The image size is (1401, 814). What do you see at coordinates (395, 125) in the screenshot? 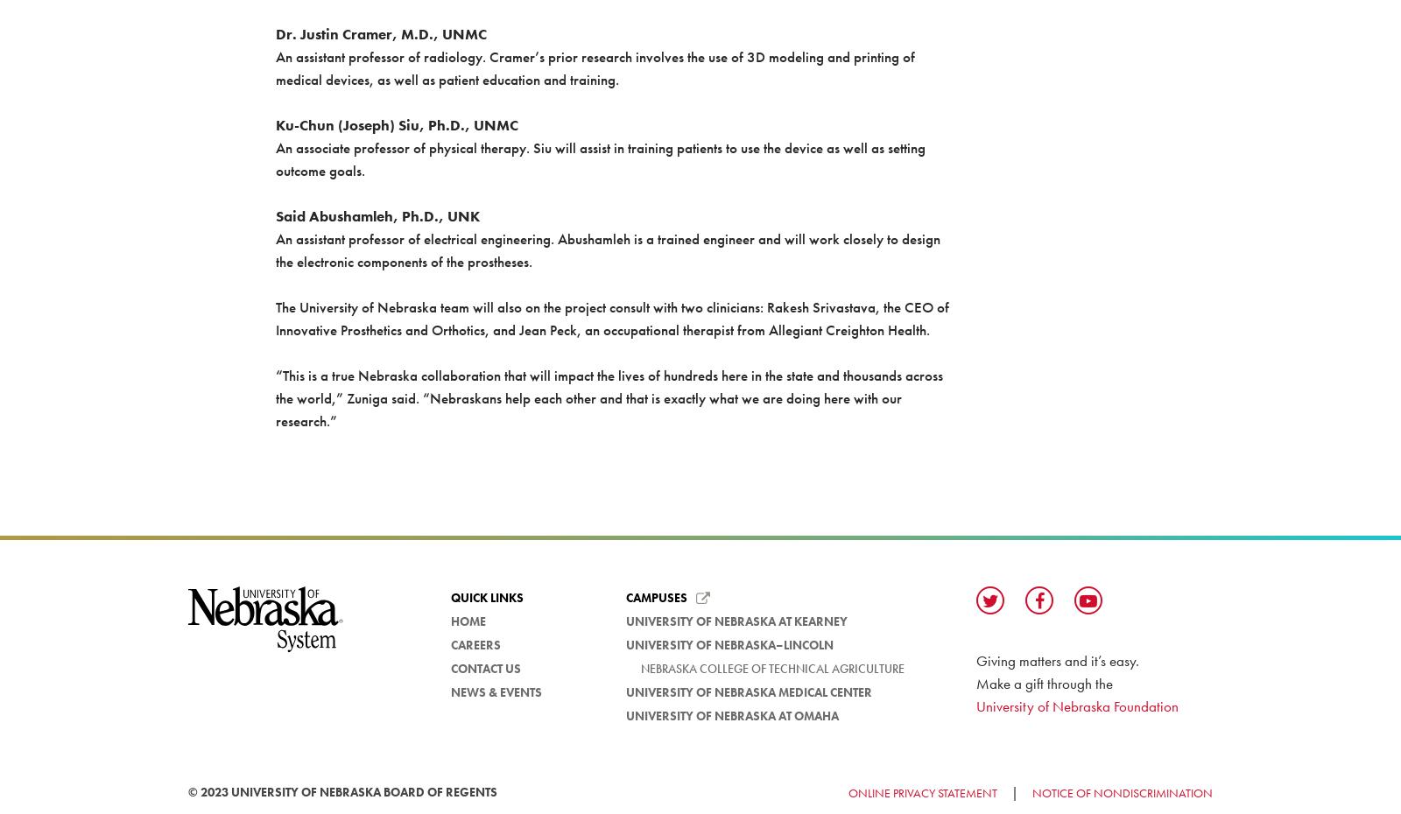
I see `'Ku-Chun (Joseph) Siu, Ph.D., UNMC'` at bounding box center [395, 125].